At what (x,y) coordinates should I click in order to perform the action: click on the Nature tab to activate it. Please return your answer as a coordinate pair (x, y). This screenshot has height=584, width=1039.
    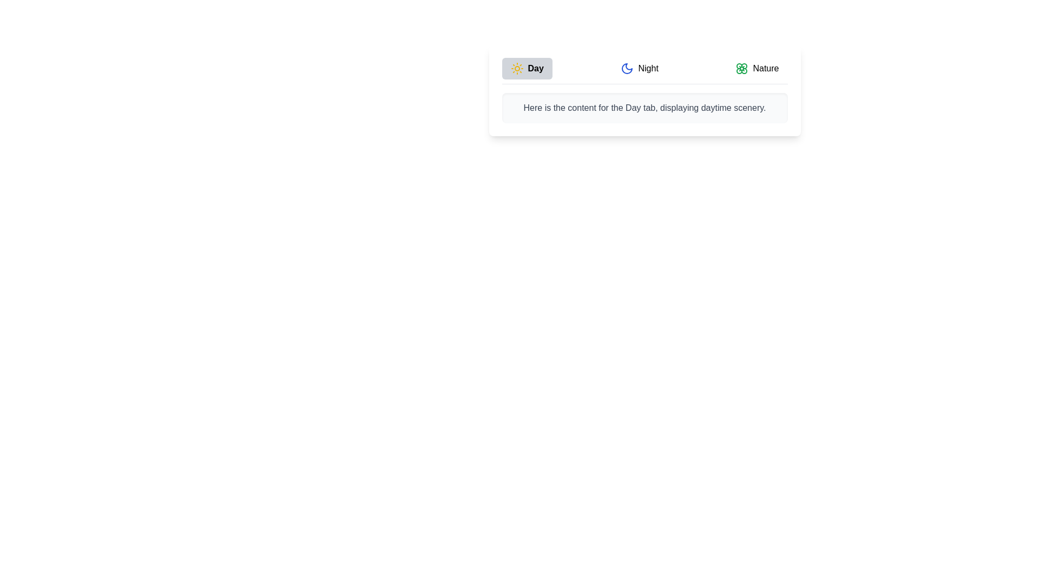
    Looking at the image, I should click on (757, 69).